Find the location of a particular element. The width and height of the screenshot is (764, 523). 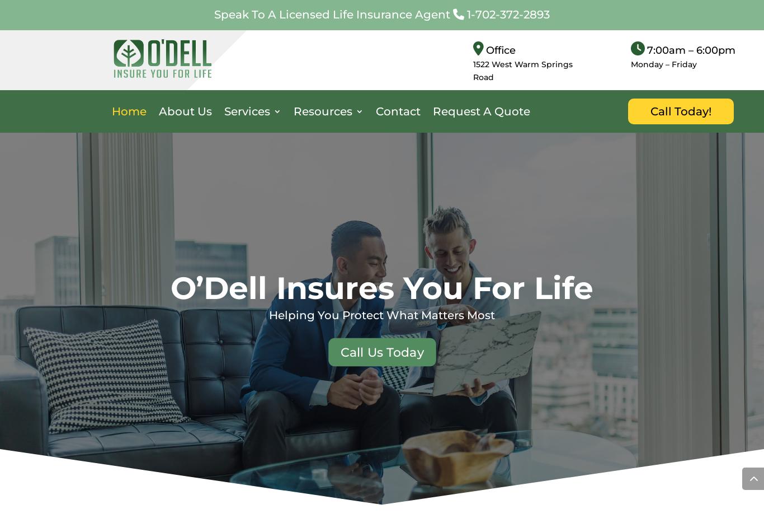

'Monday – Friday' is located at coordinates (663, 63).